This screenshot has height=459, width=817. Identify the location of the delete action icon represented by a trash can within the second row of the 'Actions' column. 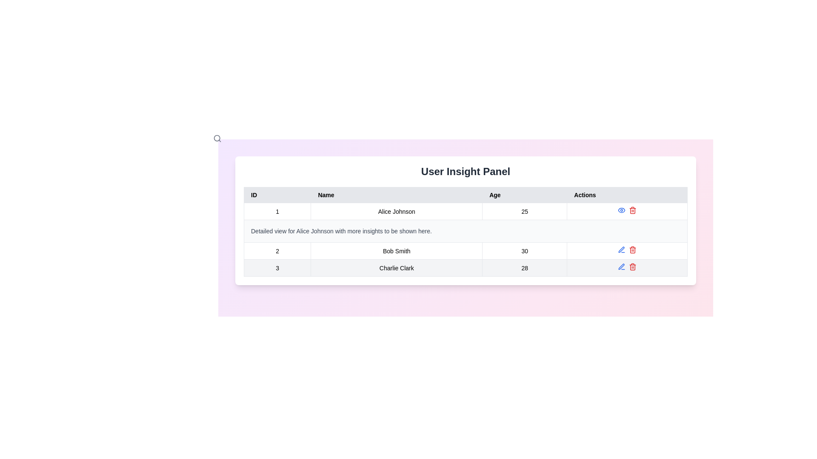
(633, 267).